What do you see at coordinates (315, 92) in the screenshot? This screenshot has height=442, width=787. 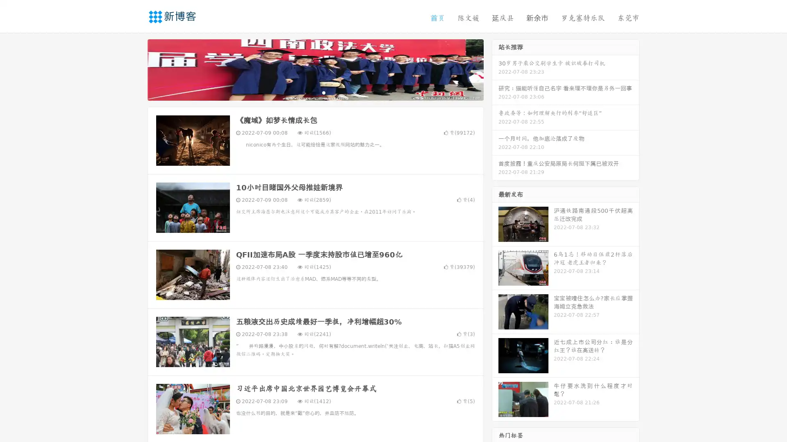 I see `Go to slide 2` at bounding box center [315, 92].